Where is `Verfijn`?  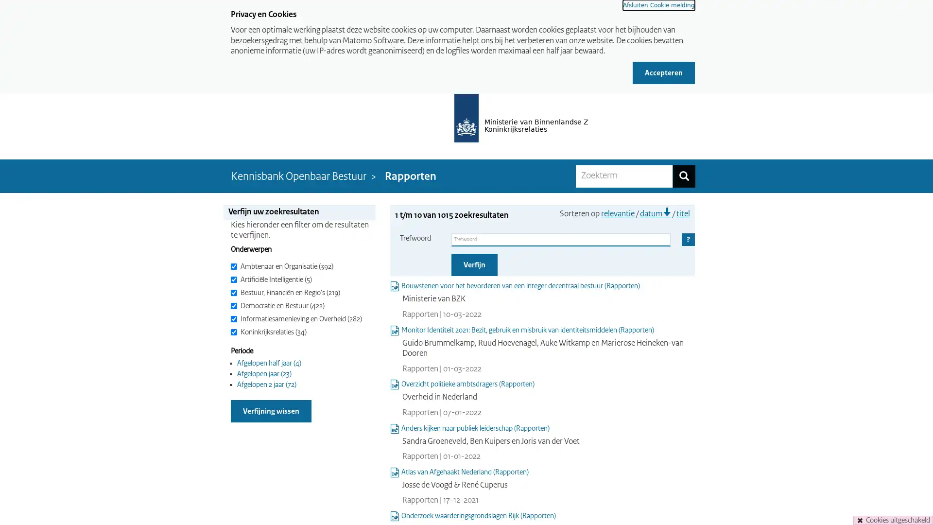 Verfijn is located at coordinates (474, 264).